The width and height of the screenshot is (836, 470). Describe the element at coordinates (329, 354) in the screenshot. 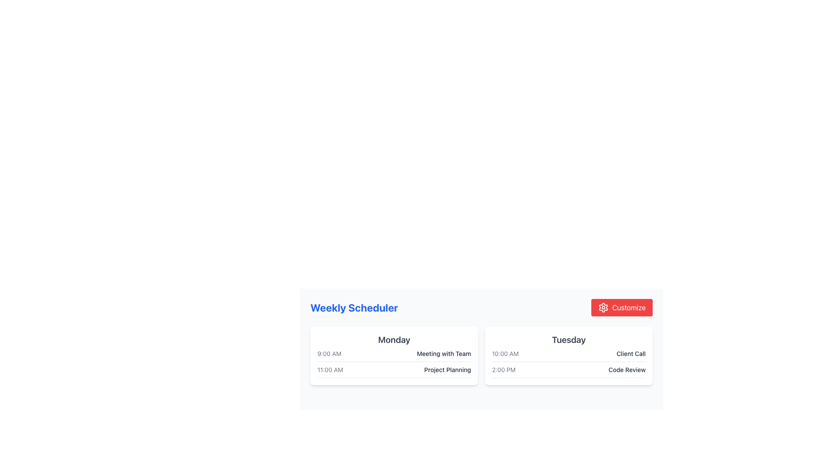

I see `text from the Text Label indicating the start time for a meeting or event located in the left card labeled 'Monday' in the Weekly Scheduler section, positioned at the top-left corner of the card before 'Meeting with Team'` at that location.